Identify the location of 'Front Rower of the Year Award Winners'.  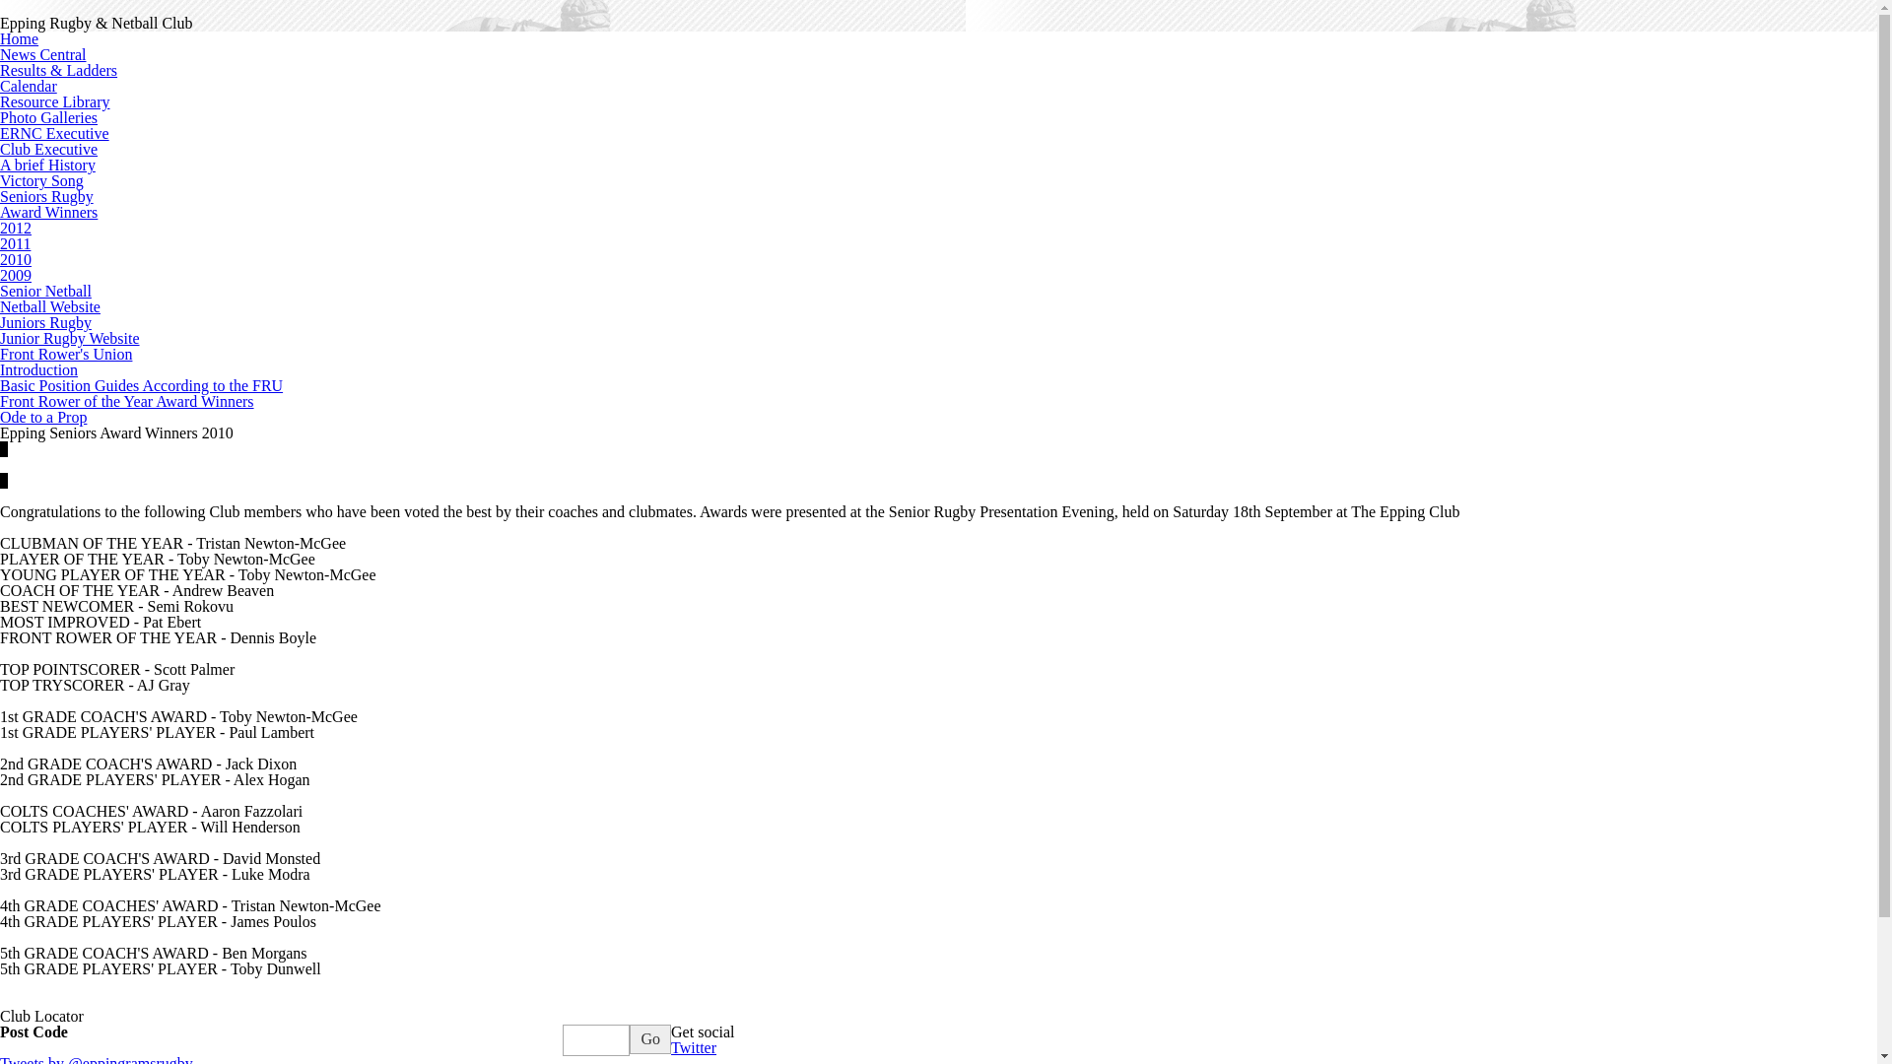
(0, 400).